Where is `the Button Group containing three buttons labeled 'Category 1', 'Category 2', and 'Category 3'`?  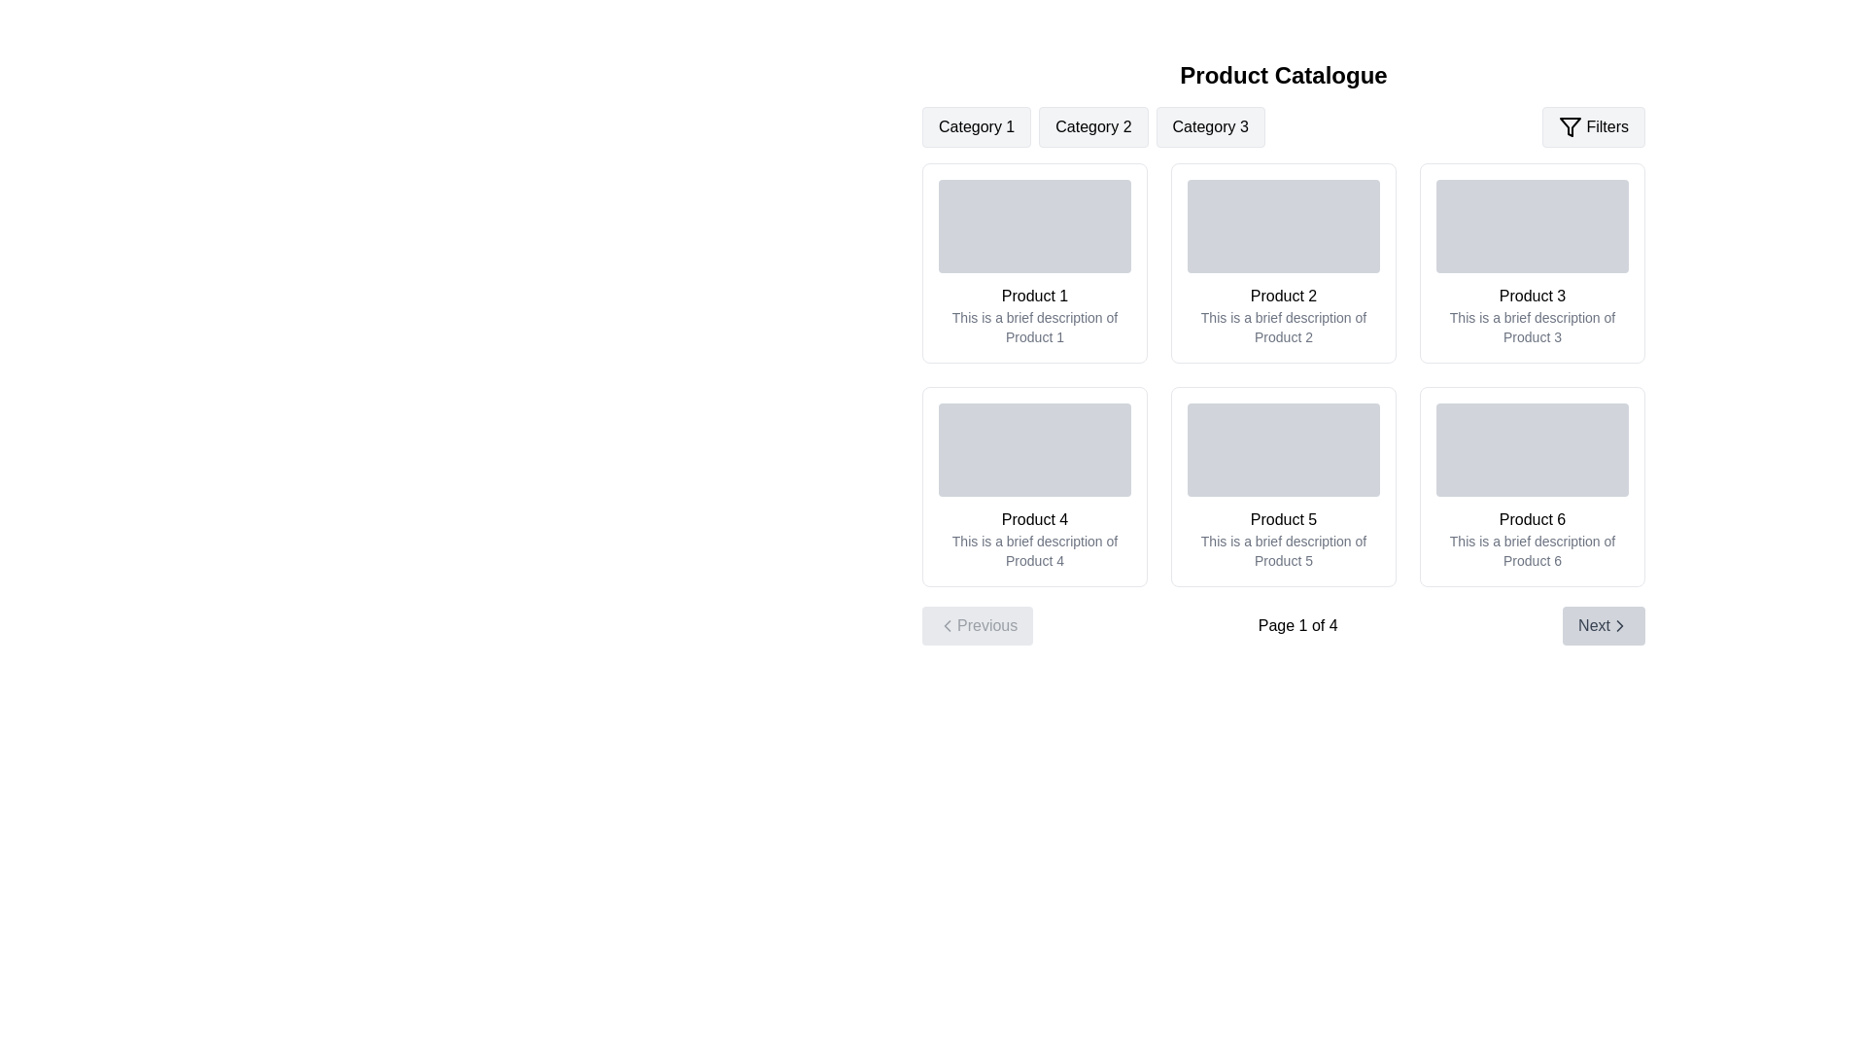 the Button Group containing three buttons labeled 'Category 1', 'Category 2', and 'Category 3' is located at coordinates (1093, 127).